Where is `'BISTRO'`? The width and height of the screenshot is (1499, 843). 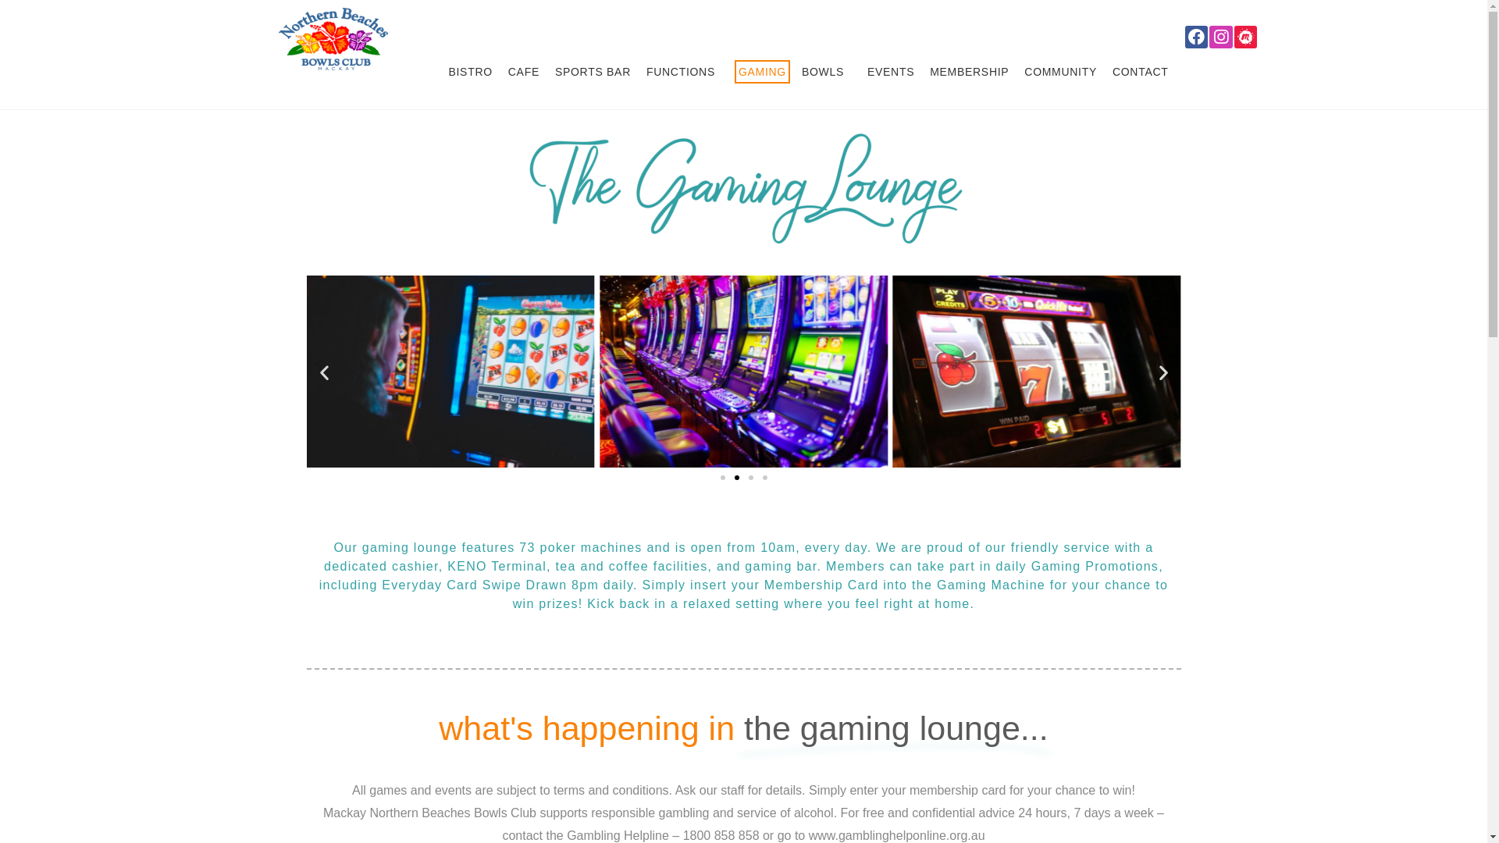 'BISTRO' is located at coordinates (468, 72).